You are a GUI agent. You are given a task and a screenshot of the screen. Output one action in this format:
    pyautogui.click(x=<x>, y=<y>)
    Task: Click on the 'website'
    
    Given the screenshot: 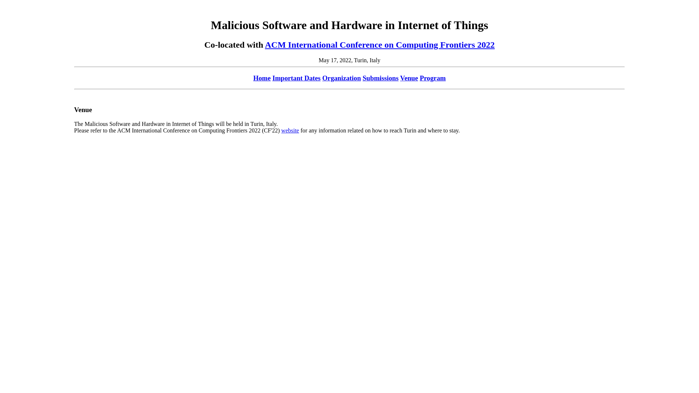 What is the action you would take?
    pyautogui.click(x=290, y=130)
    